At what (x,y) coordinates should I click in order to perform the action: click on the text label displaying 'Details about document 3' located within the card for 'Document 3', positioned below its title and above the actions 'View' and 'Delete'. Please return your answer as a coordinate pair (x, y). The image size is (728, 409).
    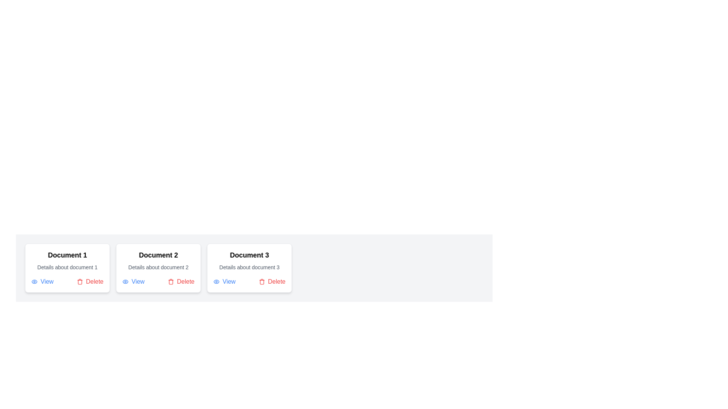
    Looking at the image, I should click on (249, 267).